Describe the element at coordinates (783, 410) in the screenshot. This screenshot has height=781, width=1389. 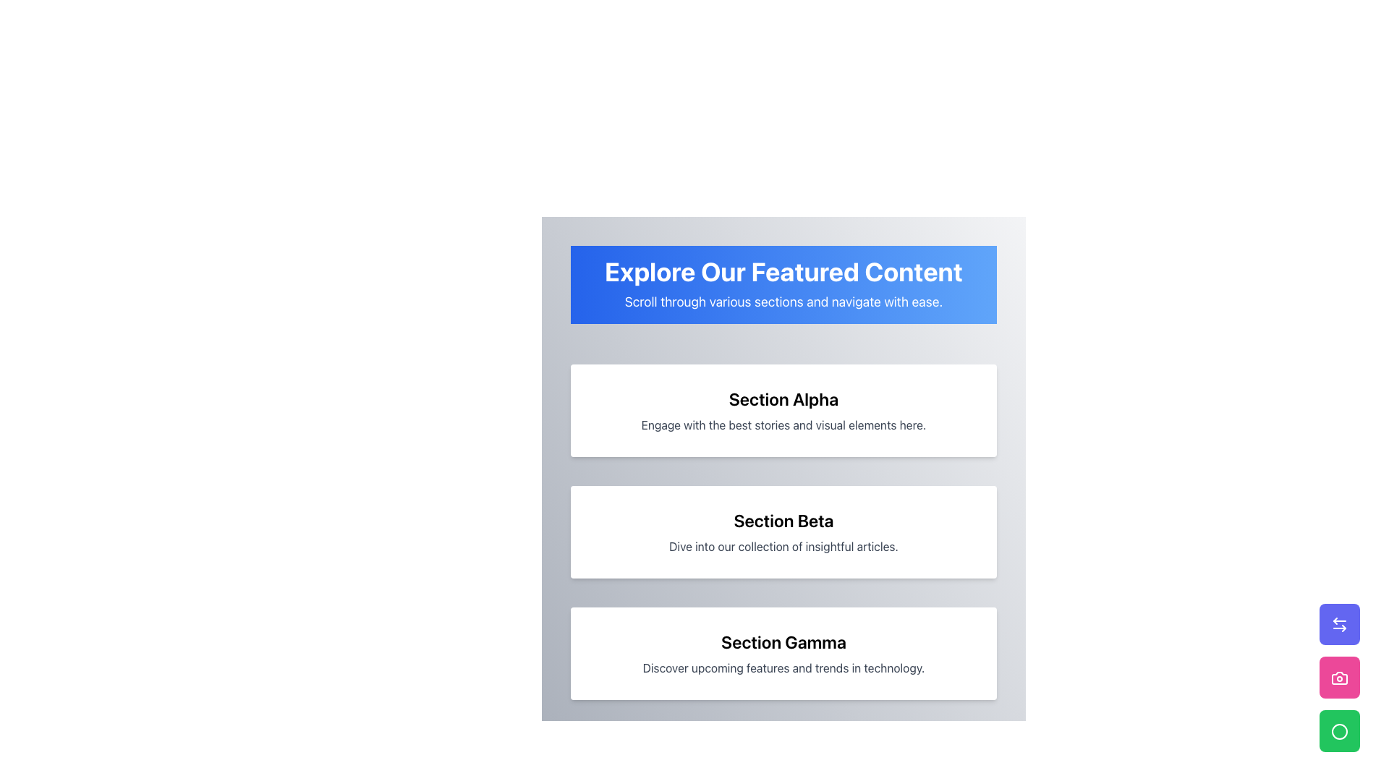
I see `text content from the text box that serves as a section header and introduction for 'Section Alpha', located below the blue header titled 'Explore Our Featured Content'` at that location.